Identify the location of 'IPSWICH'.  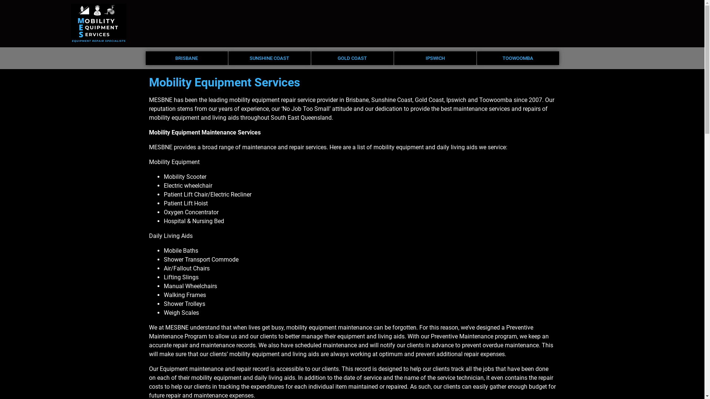
(435, 58).